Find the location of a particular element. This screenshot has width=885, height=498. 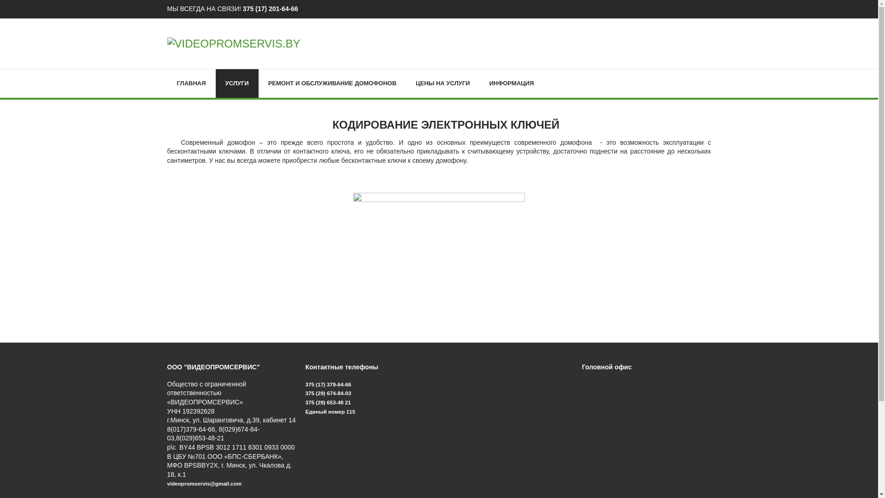

'videopromservis.by' is located at coordinates (233, 43).